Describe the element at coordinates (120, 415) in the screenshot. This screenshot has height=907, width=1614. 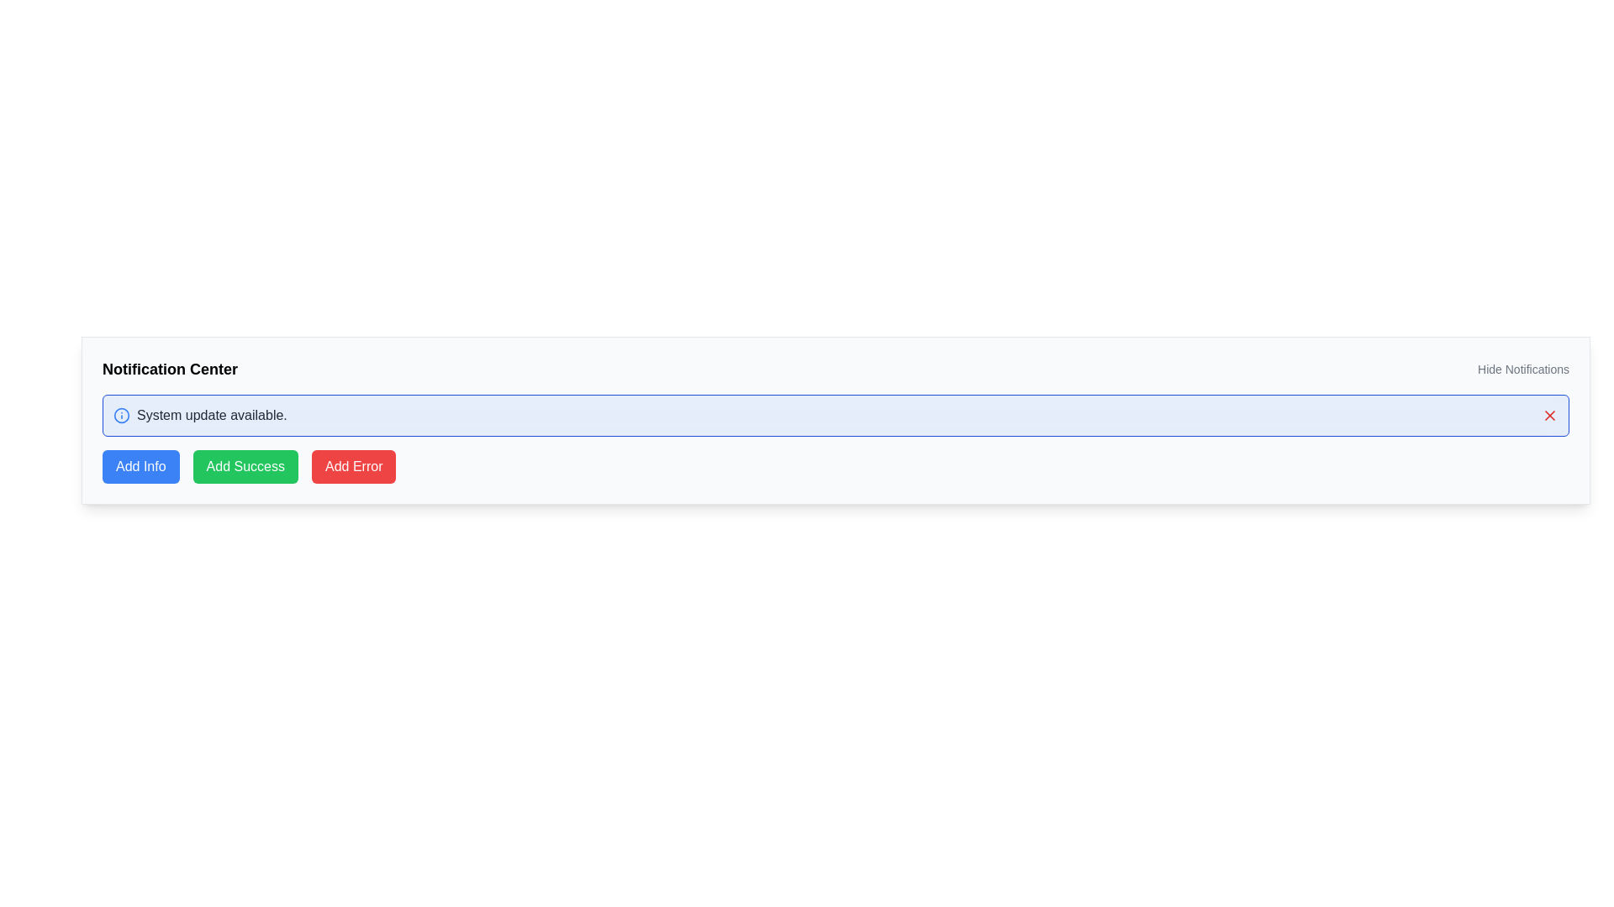
I see `the graphical icon positioned near the top-left corner of the notification box that indicates 'System update available.'` at that location.